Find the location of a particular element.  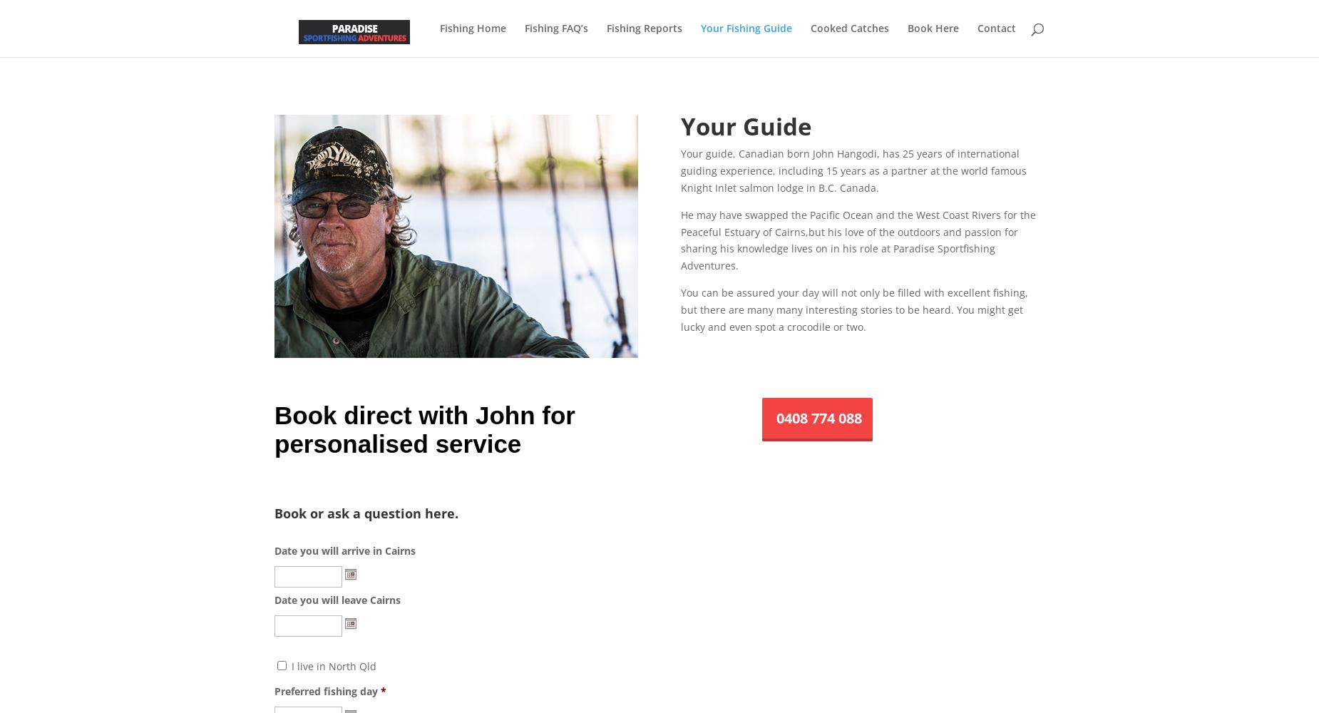

'Your Guide' is located at coordinates (744, 126).